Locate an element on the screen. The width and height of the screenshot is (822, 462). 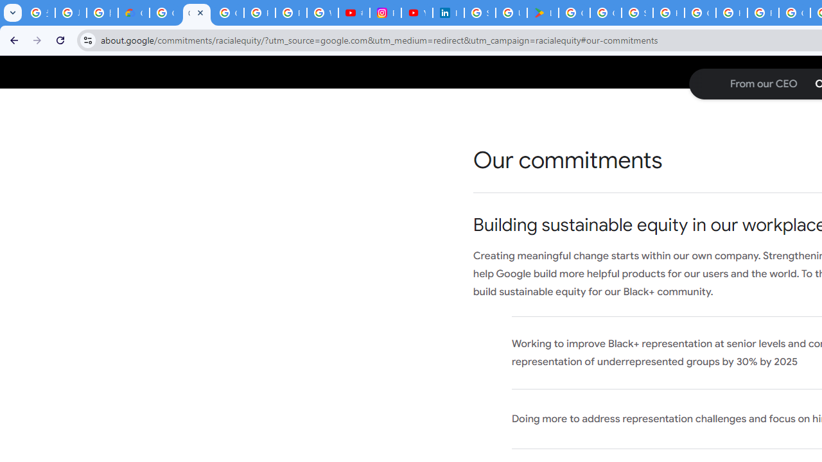
'Last Shelter: Survival - Apps on Google Play' is located at coordinates (543, 13).